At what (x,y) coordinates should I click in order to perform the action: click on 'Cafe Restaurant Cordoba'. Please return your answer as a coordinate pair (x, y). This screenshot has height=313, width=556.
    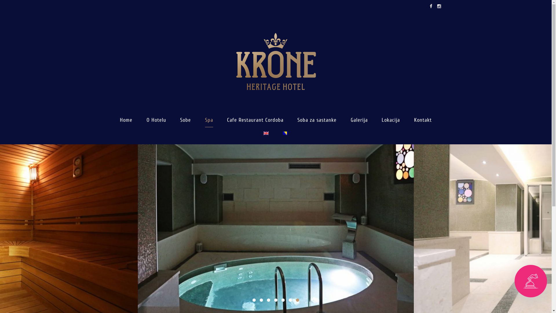
    Looking at the image, I should click on (255, 120).